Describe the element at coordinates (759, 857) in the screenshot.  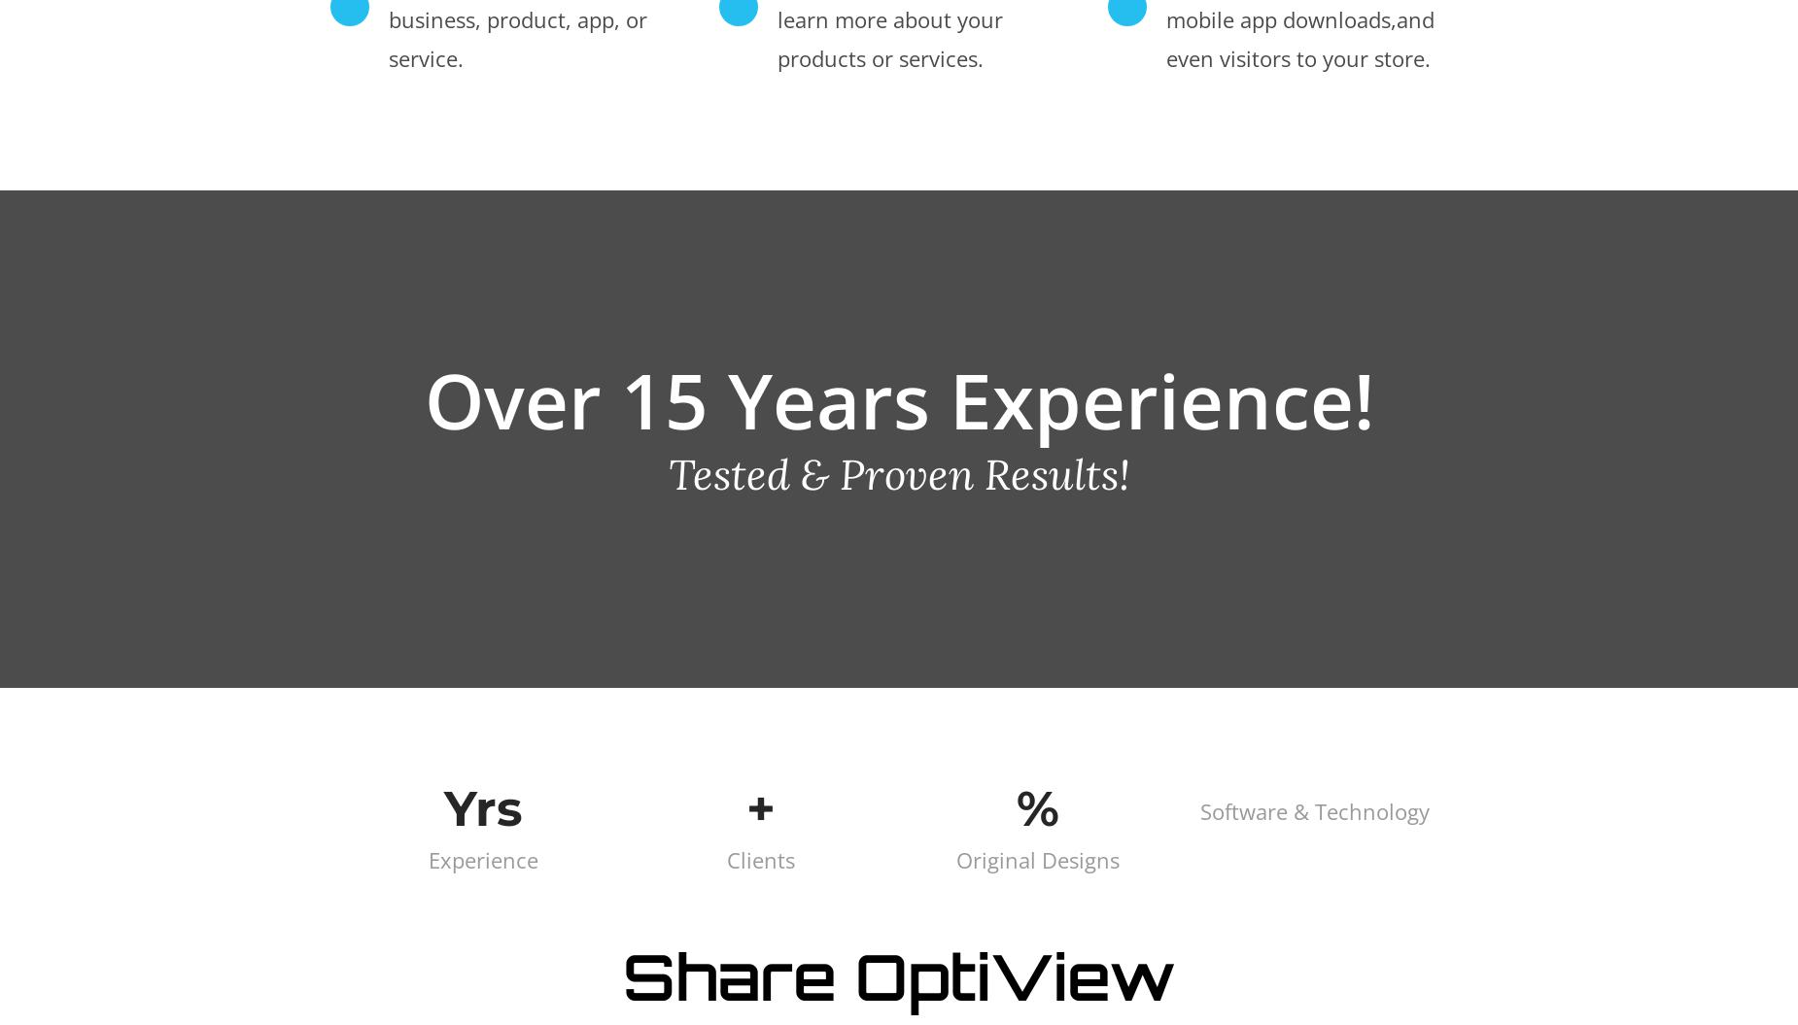
I see `'Clients'` at that location.